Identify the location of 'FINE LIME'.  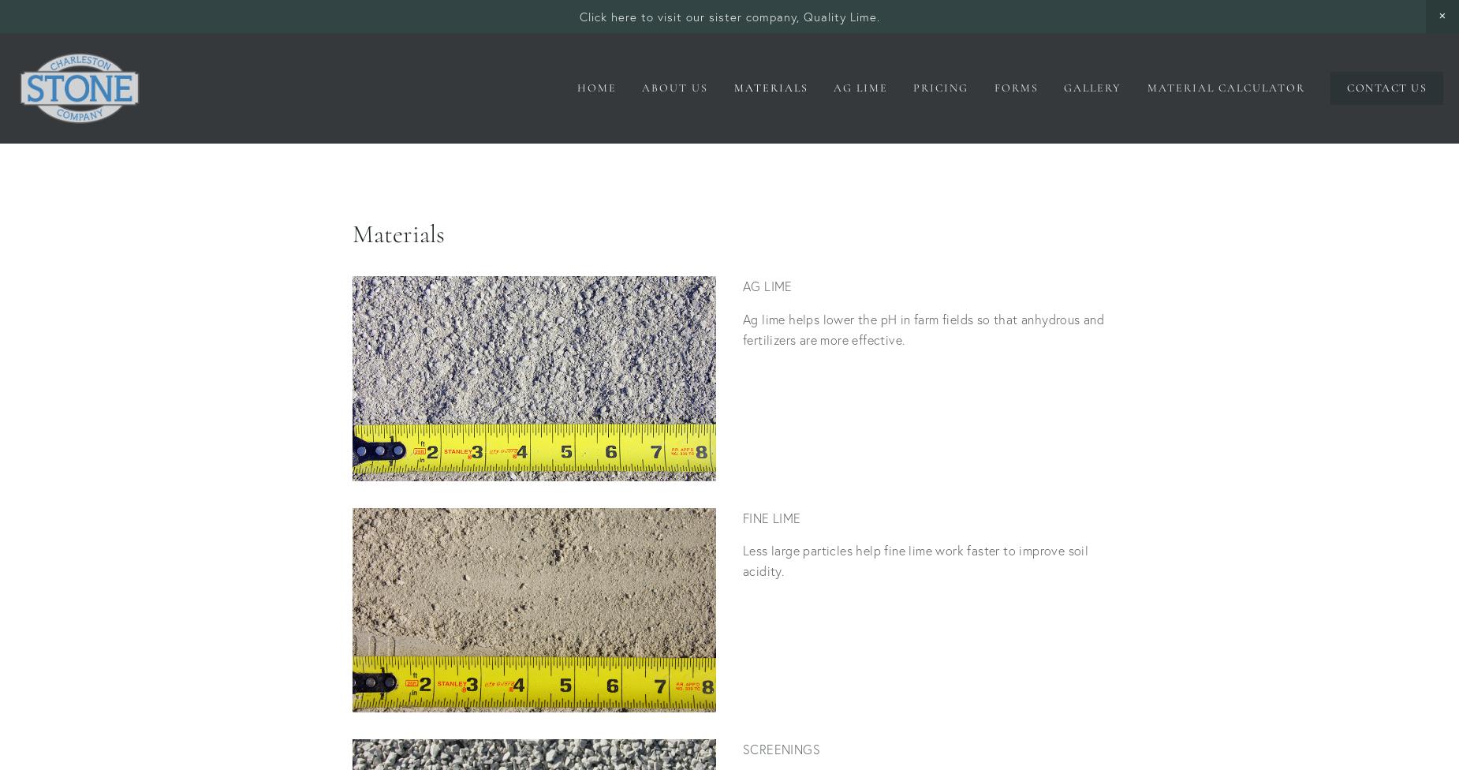
(771, 516).